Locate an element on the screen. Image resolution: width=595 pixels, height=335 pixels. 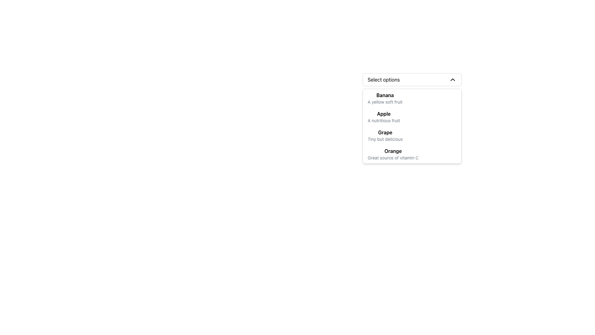
the text label displaying 'Great source of vitamin C' located below the bold text 'Orange' in the dropdown menu is located at coordinates (393, 158).